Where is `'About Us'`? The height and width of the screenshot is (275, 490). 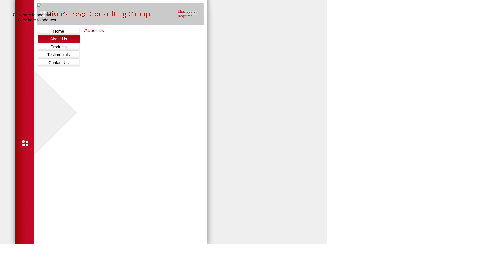
'About Us' is located at coordinates (58, 39).